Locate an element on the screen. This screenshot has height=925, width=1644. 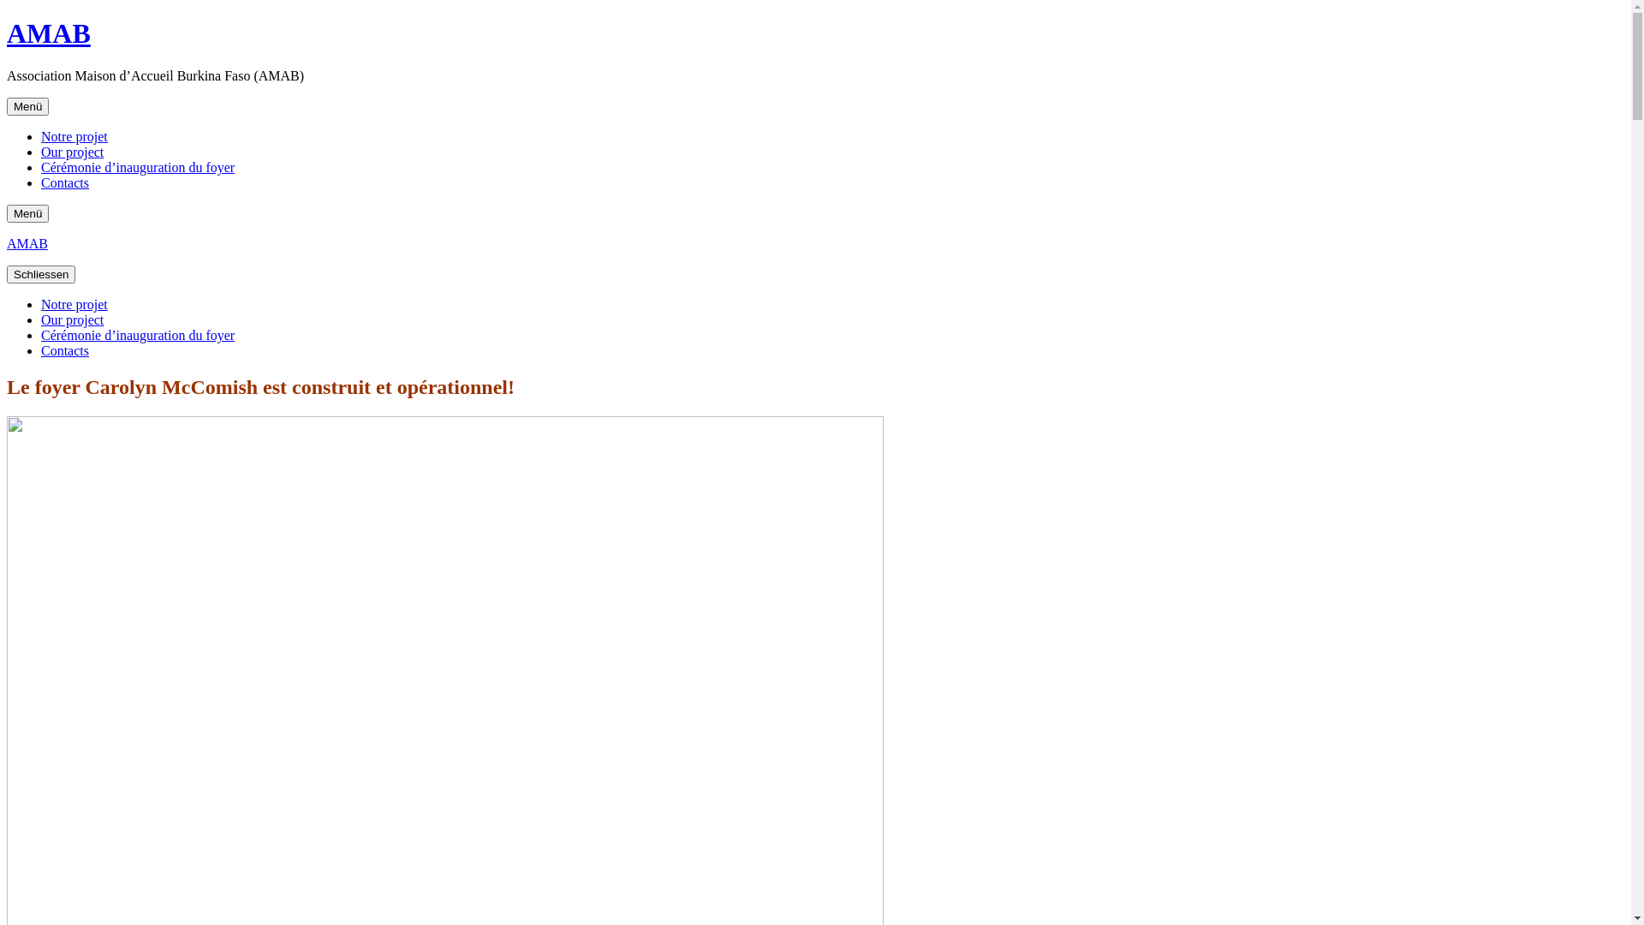
'Contacts' is located at coordinates (65, 349).